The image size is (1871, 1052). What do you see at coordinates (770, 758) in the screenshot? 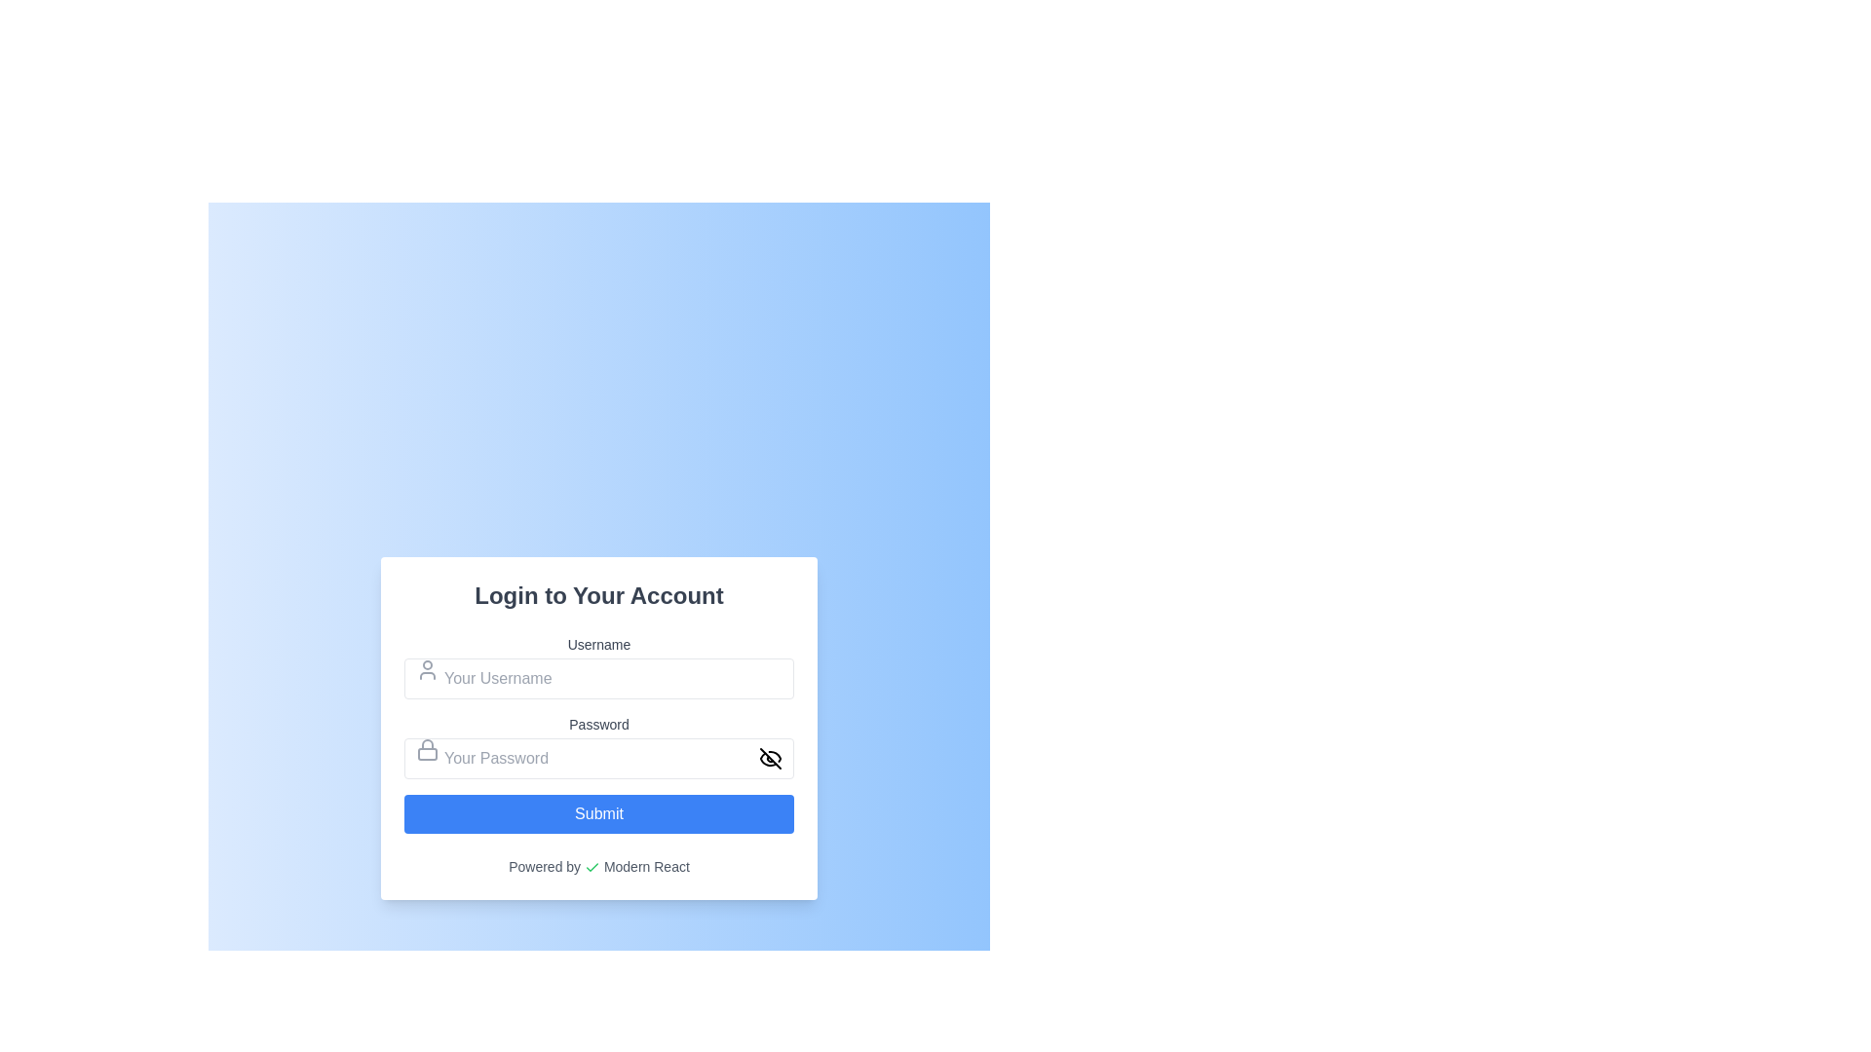
I see `the password visibility toggle button located to the right of the 'Password' input field` at bounding box center [770, 758].